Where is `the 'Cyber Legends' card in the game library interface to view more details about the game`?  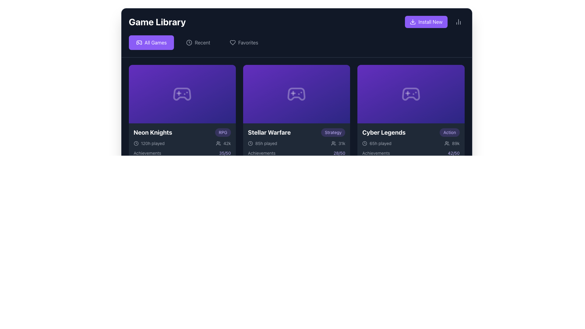 the 'Cyber Legends' card in the game library interface to view more details about the game is located at coordinates (411, 115).